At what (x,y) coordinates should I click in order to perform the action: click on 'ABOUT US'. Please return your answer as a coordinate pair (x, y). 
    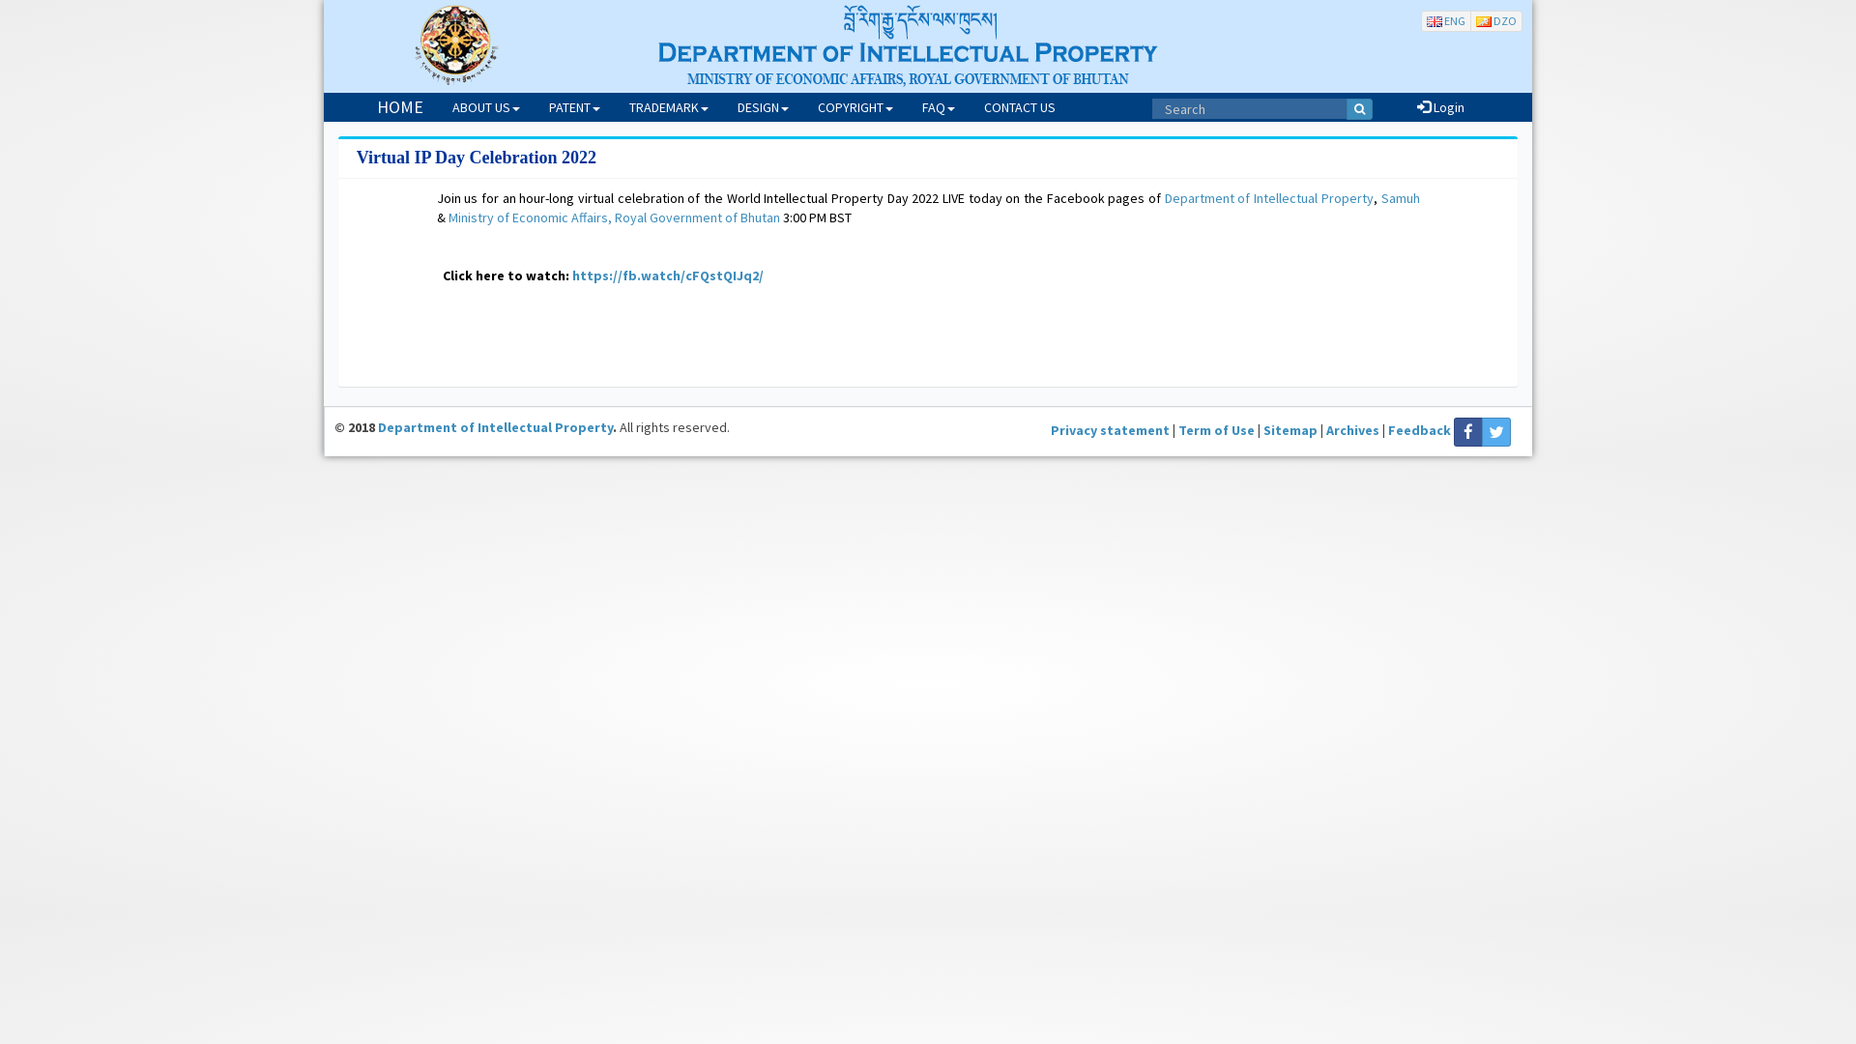
    Looking at the image, I should click on (436, 107).